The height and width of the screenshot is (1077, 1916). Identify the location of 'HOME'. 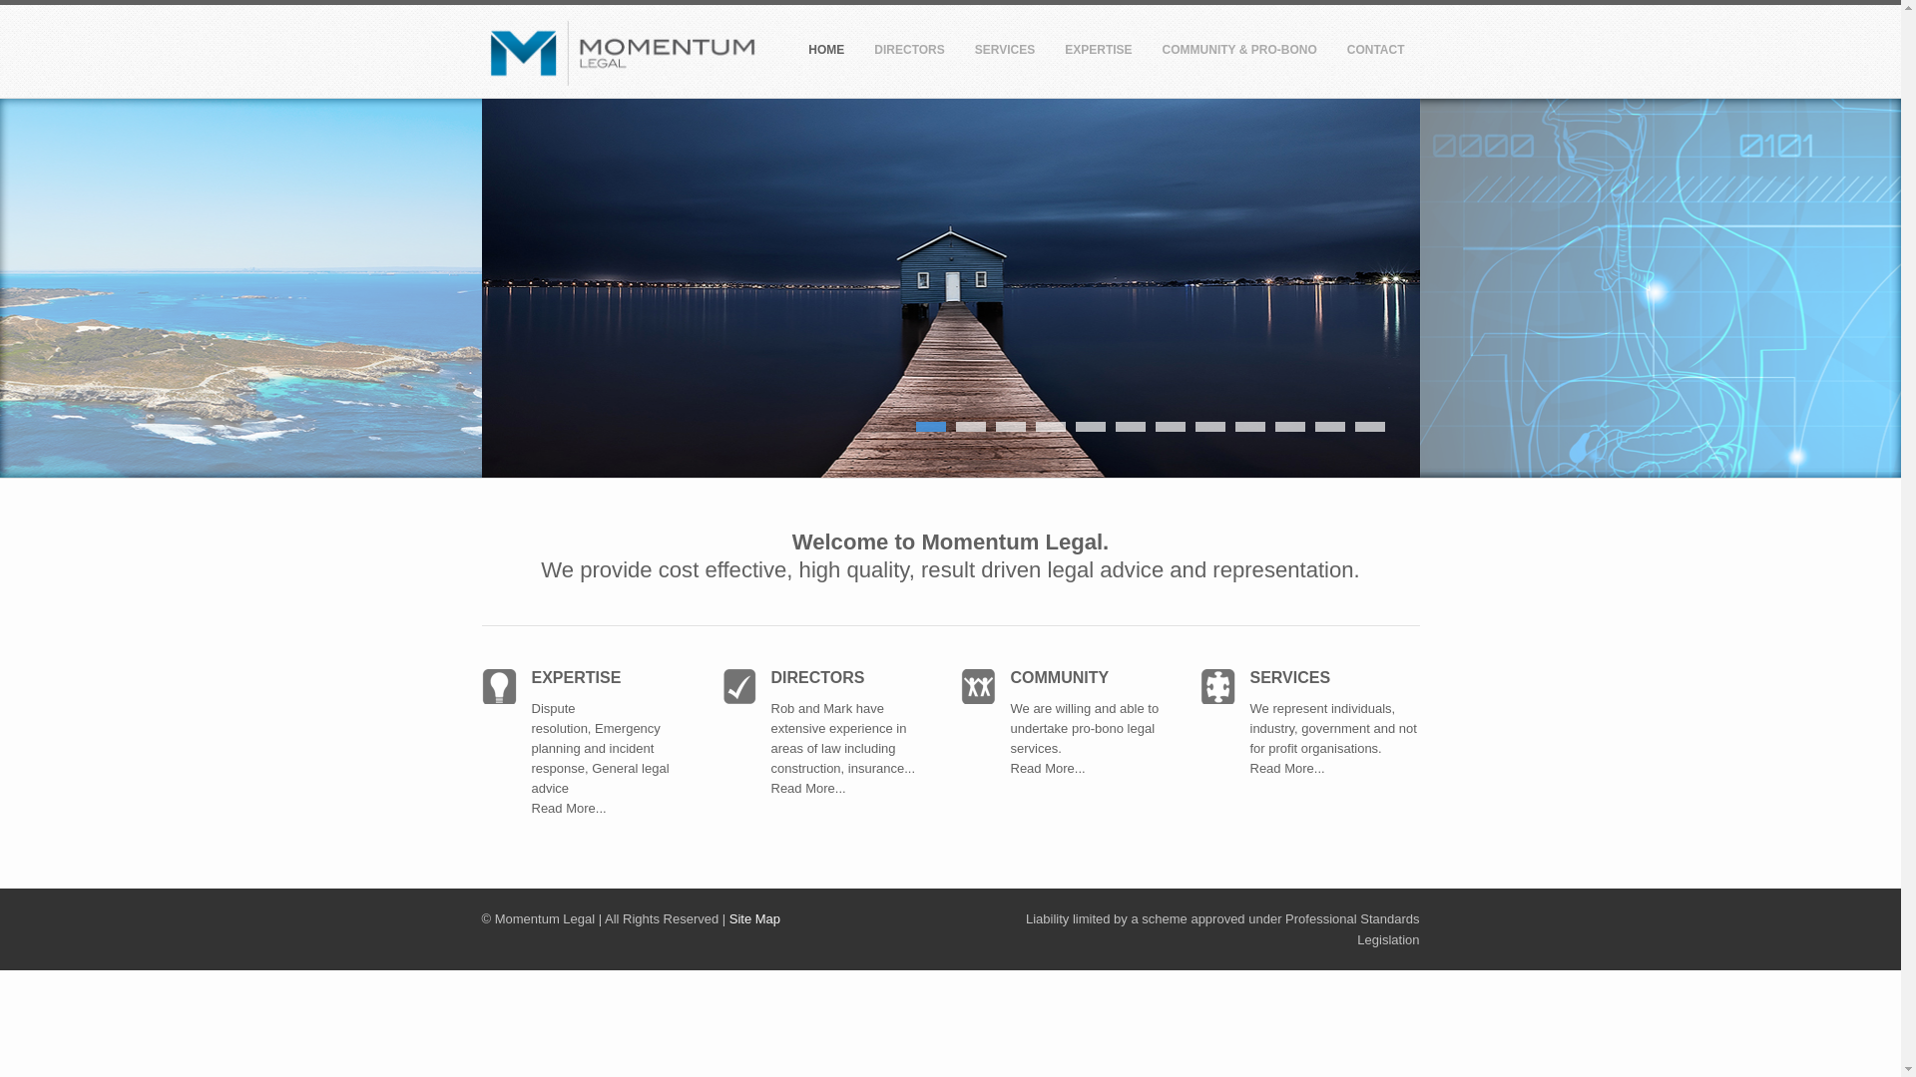
(826, 53).